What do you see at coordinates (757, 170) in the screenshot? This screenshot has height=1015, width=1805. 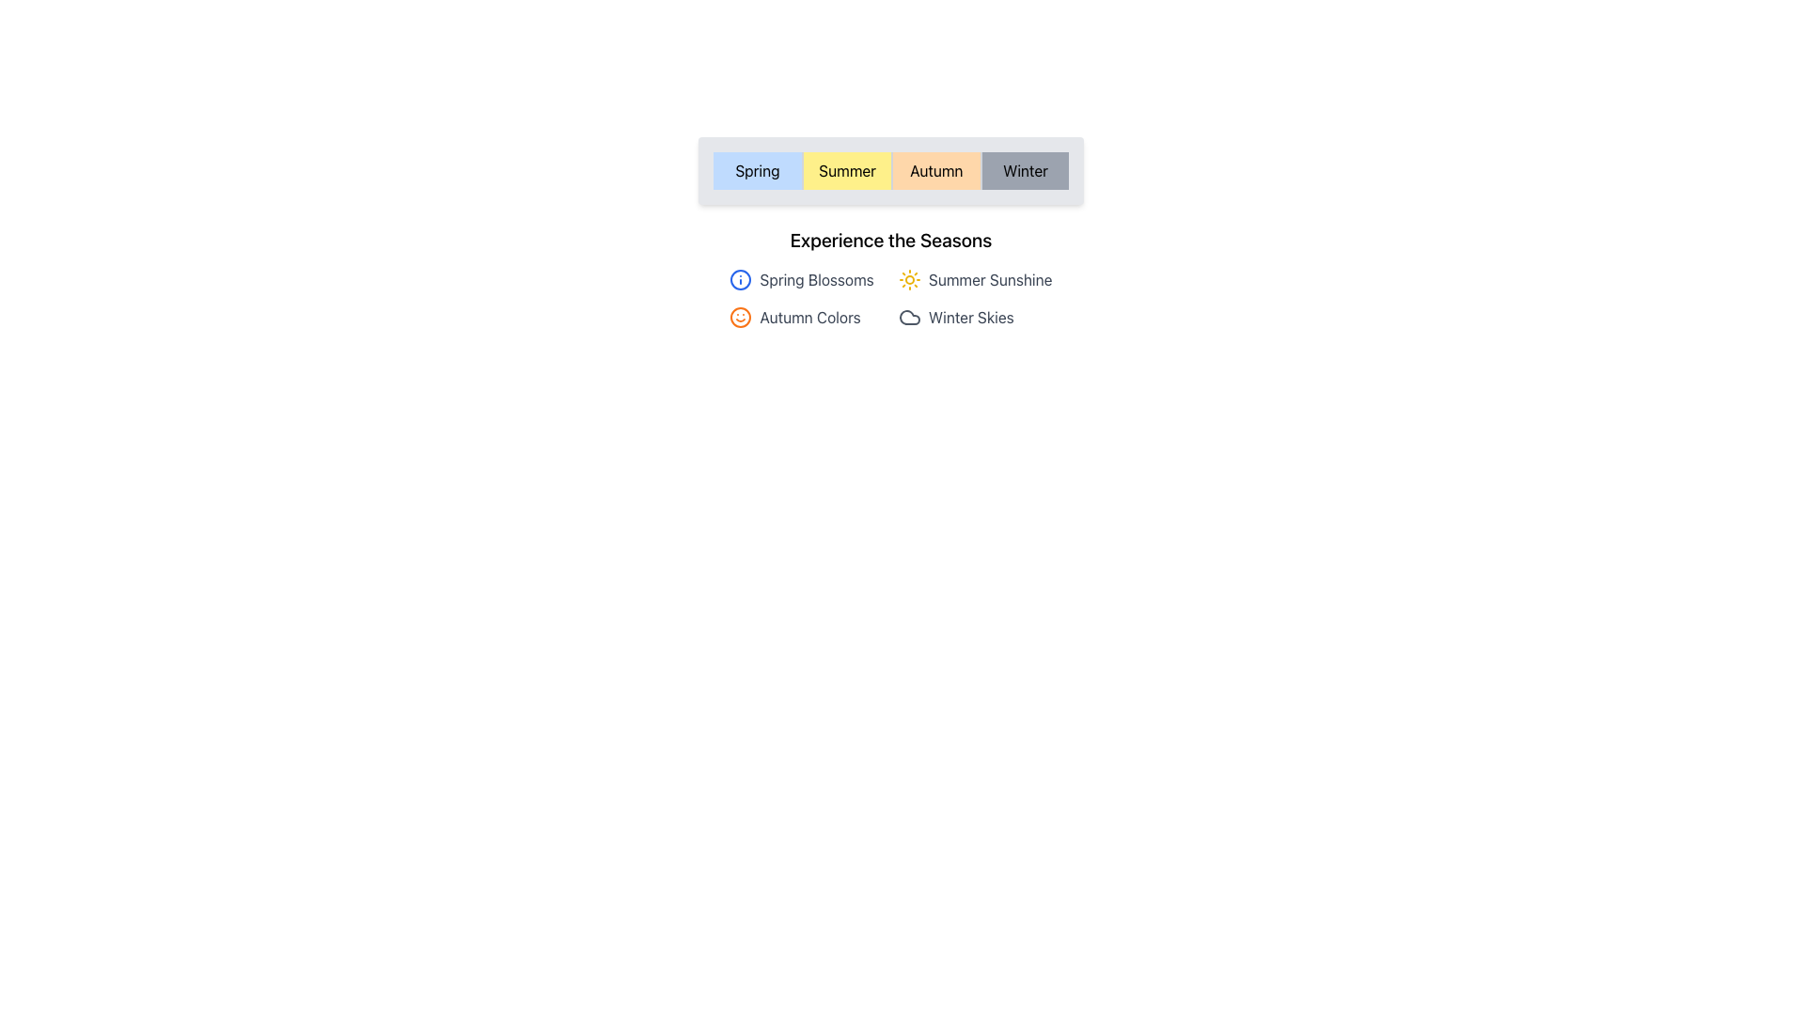 I see `the leftmost button labeled 'Spring' to activate its hover state` at bounding box center [757, 170].